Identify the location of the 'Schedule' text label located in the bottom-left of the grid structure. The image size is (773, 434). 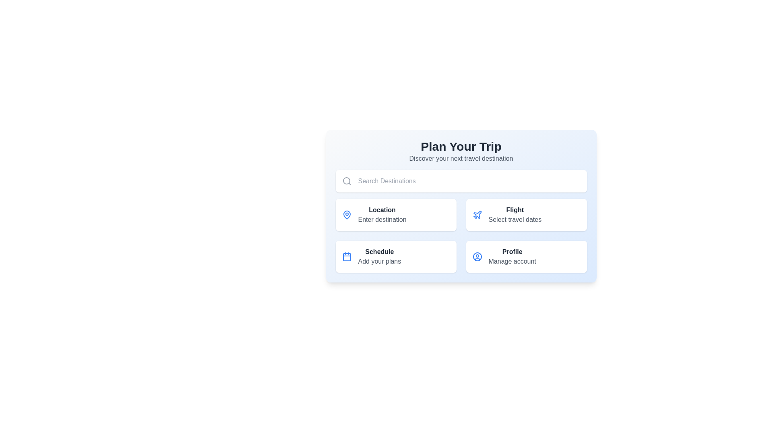
(379, 257).